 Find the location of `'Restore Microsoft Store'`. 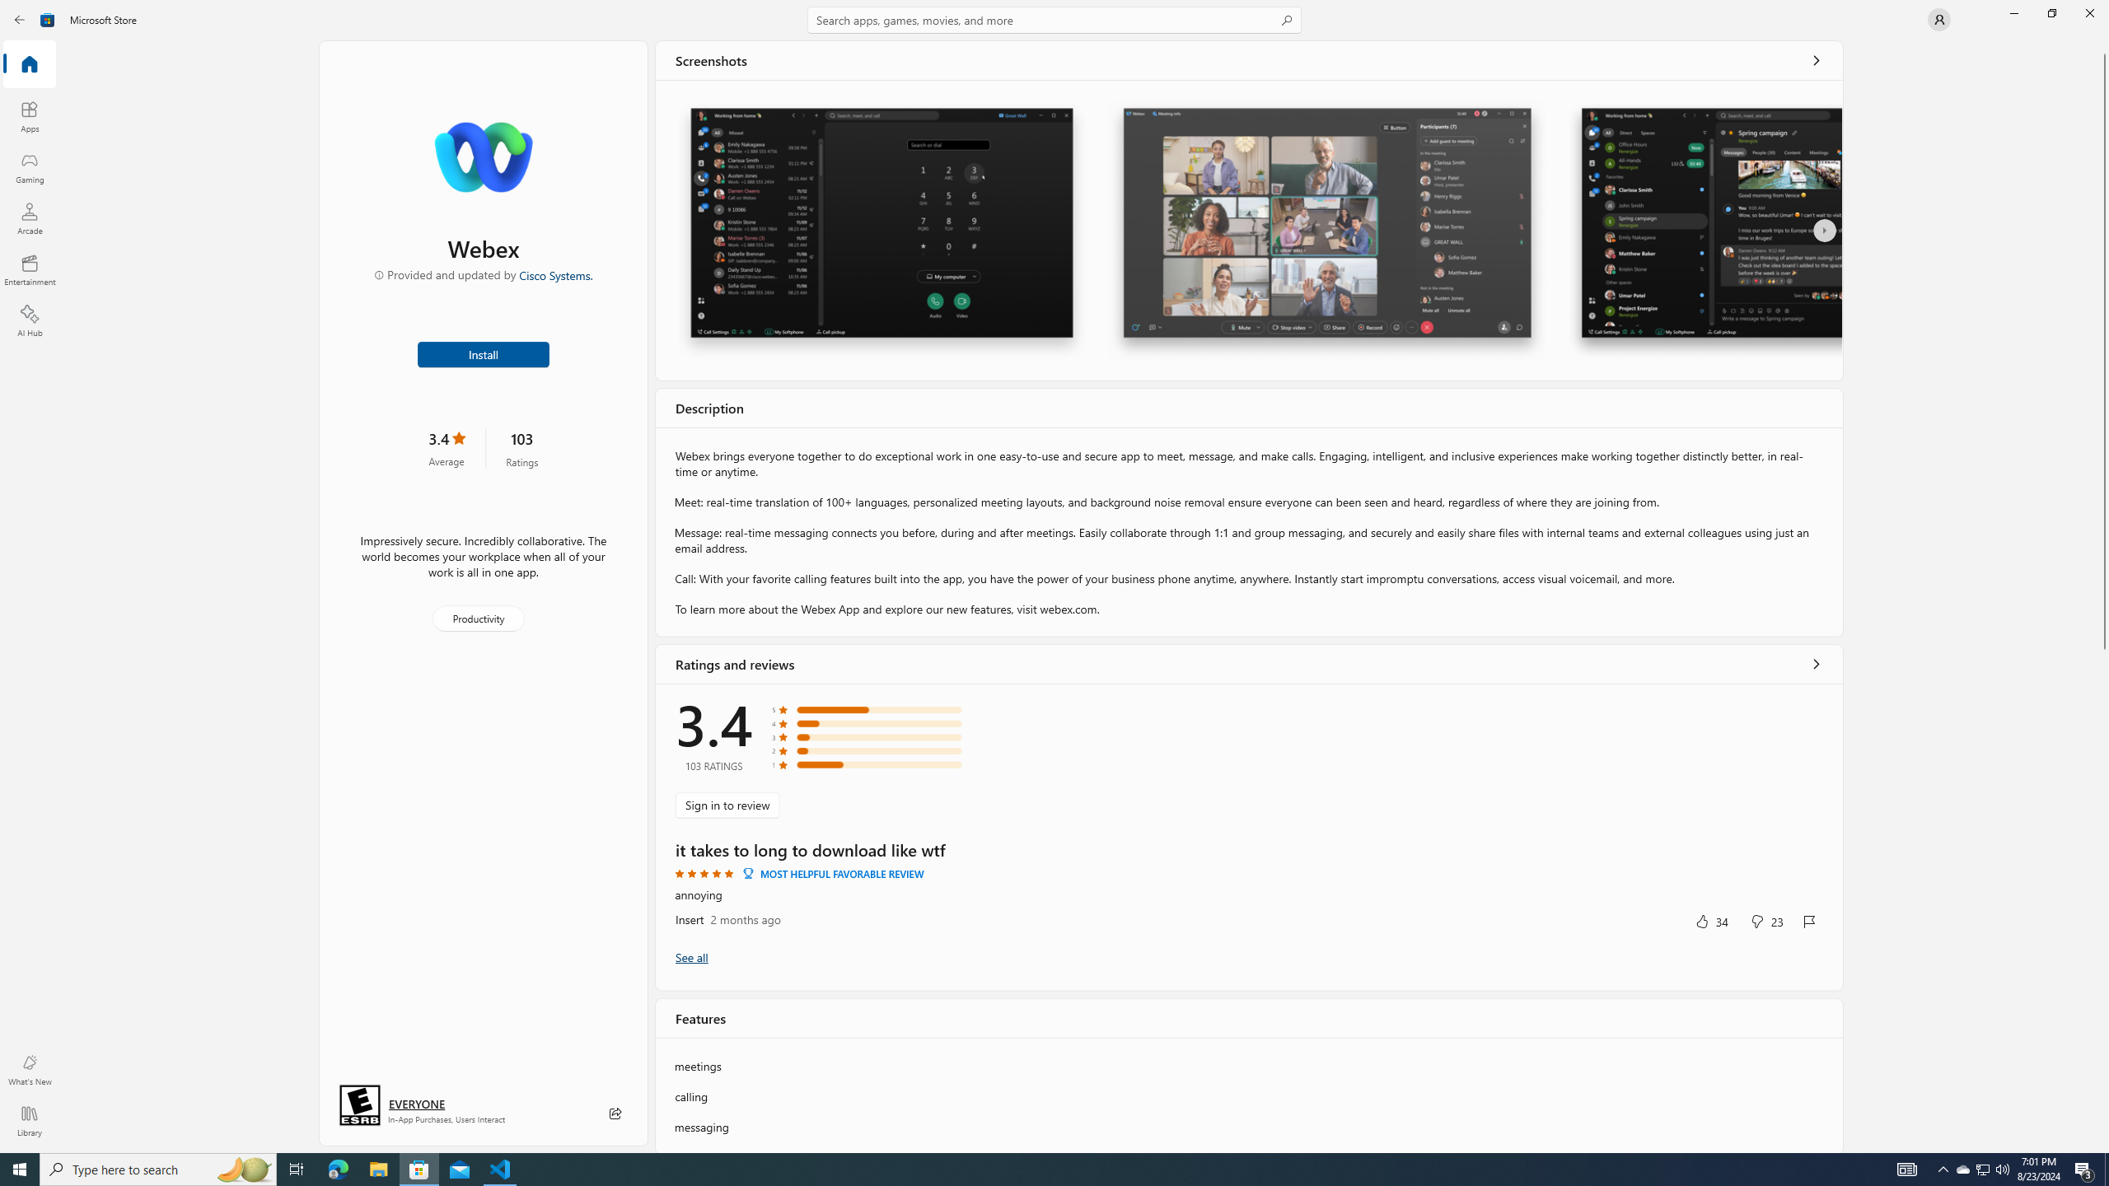

'Restore Microsoft Store' is located at coordinates (2051, 12).